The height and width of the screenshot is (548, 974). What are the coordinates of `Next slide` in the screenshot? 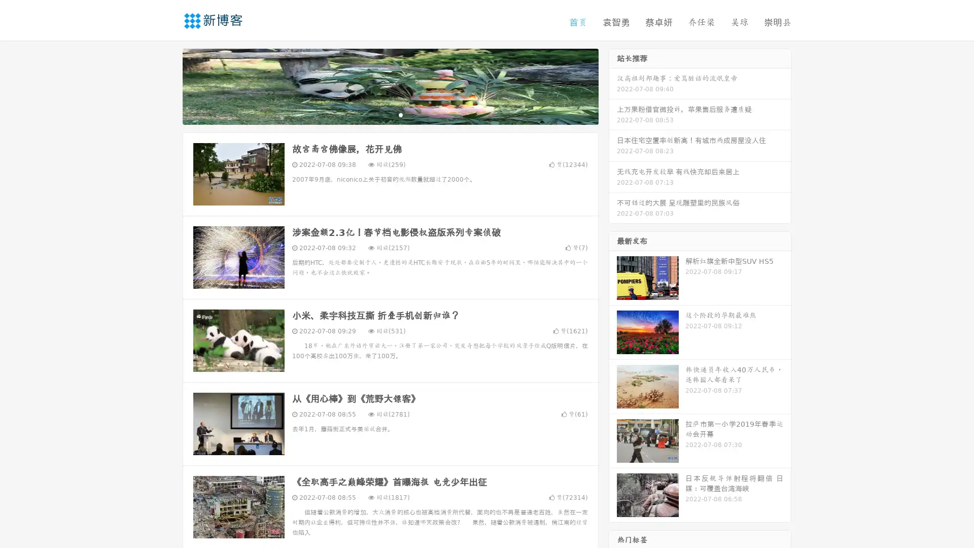 It's located at (613, 85).